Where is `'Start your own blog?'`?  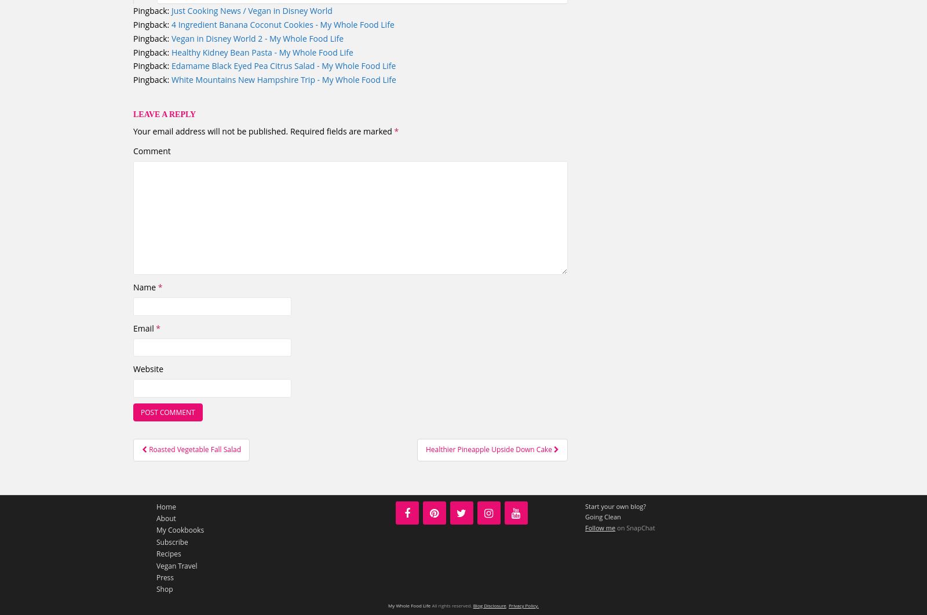
'Start your own blog?' is located at coordinates (615, 505).